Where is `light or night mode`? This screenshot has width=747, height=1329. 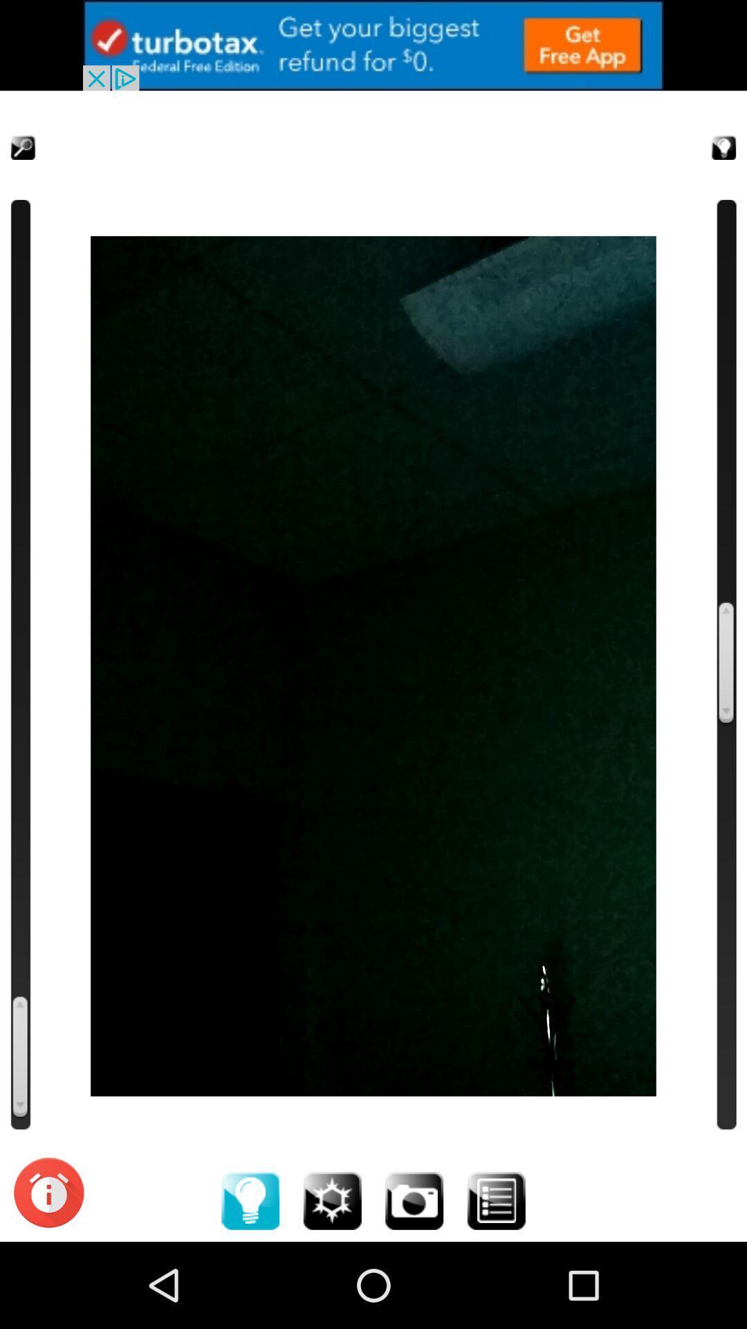
light or night mode is located at coordinates (707, 130).